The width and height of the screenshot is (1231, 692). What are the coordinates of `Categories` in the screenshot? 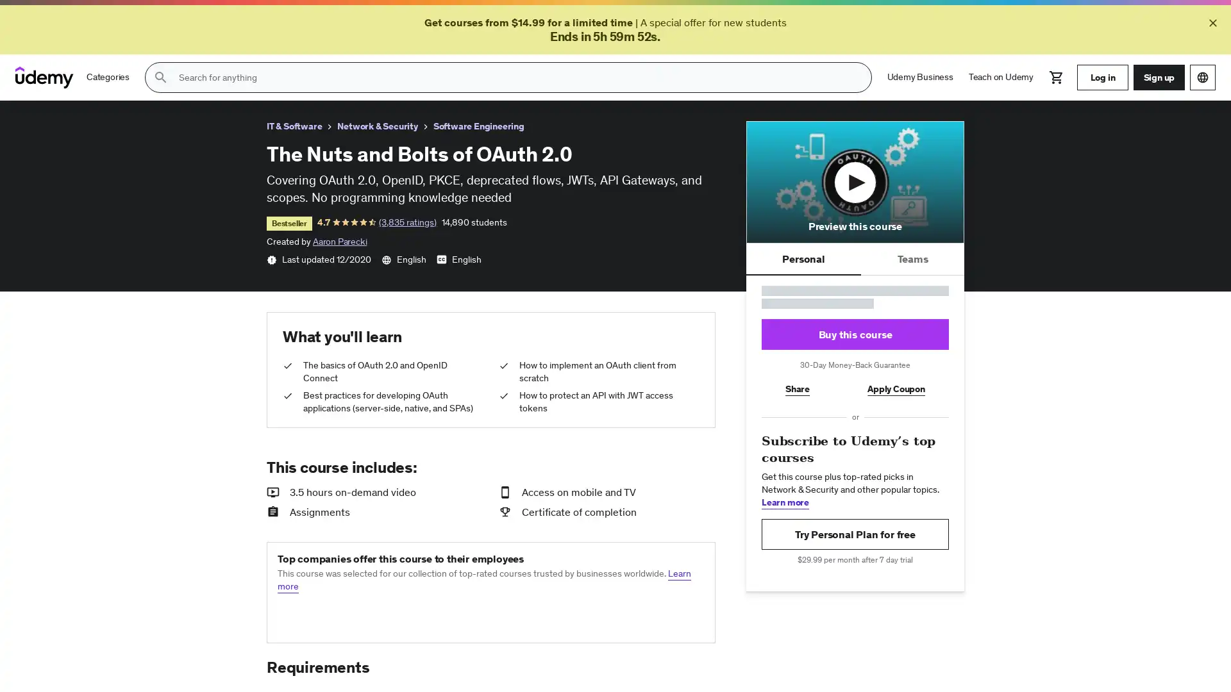 It's located at (108, 77).